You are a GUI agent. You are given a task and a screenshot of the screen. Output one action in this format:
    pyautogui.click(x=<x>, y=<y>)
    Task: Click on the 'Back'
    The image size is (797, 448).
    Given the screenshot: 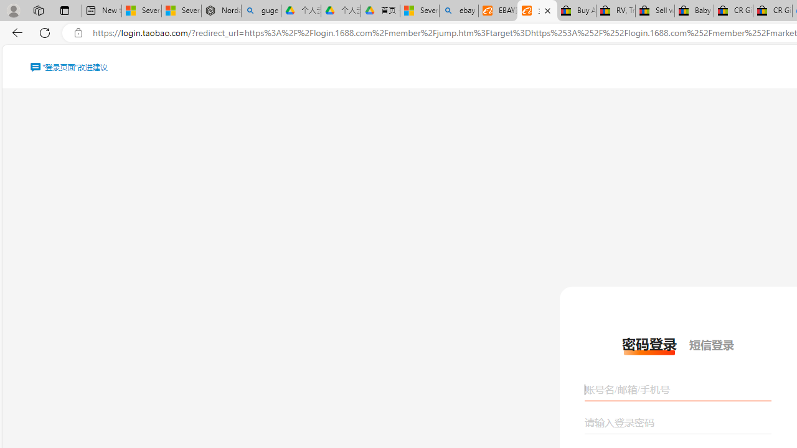 What is the action you would take?
    pyautogui.click(x=15, y=32)
    